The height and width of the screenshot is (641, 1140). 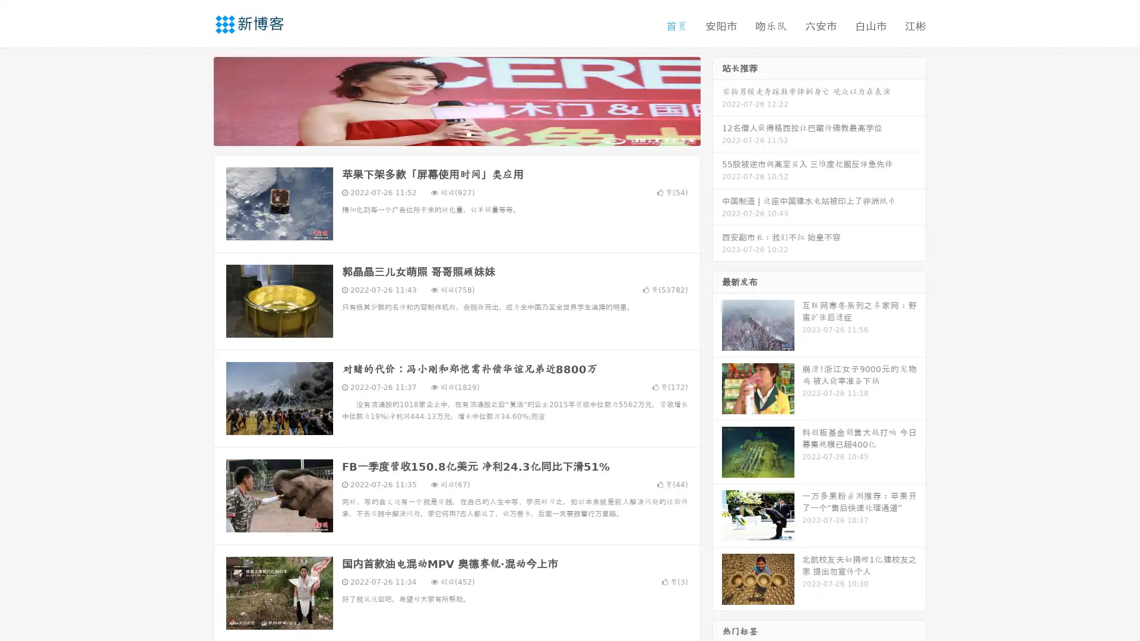 What do you see at coordinates (196, 100) in the screenshot?
I see `Previous slide` at bounding box center [196, 100].